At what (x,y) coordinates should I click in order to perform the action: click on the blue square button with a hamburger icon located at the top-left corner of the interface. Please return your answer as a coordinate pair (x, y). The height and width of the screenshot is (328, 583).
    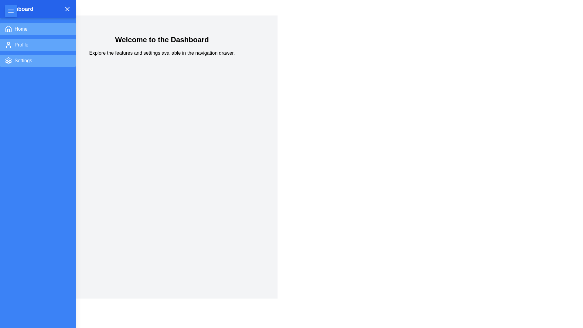
    Looking at the image, I should click on (11, 11).